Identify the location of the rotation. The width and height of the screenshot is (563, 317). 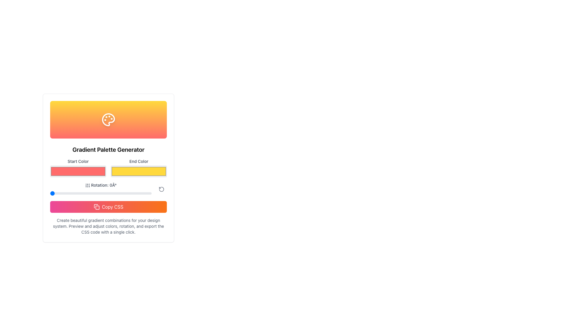
(135, 193).